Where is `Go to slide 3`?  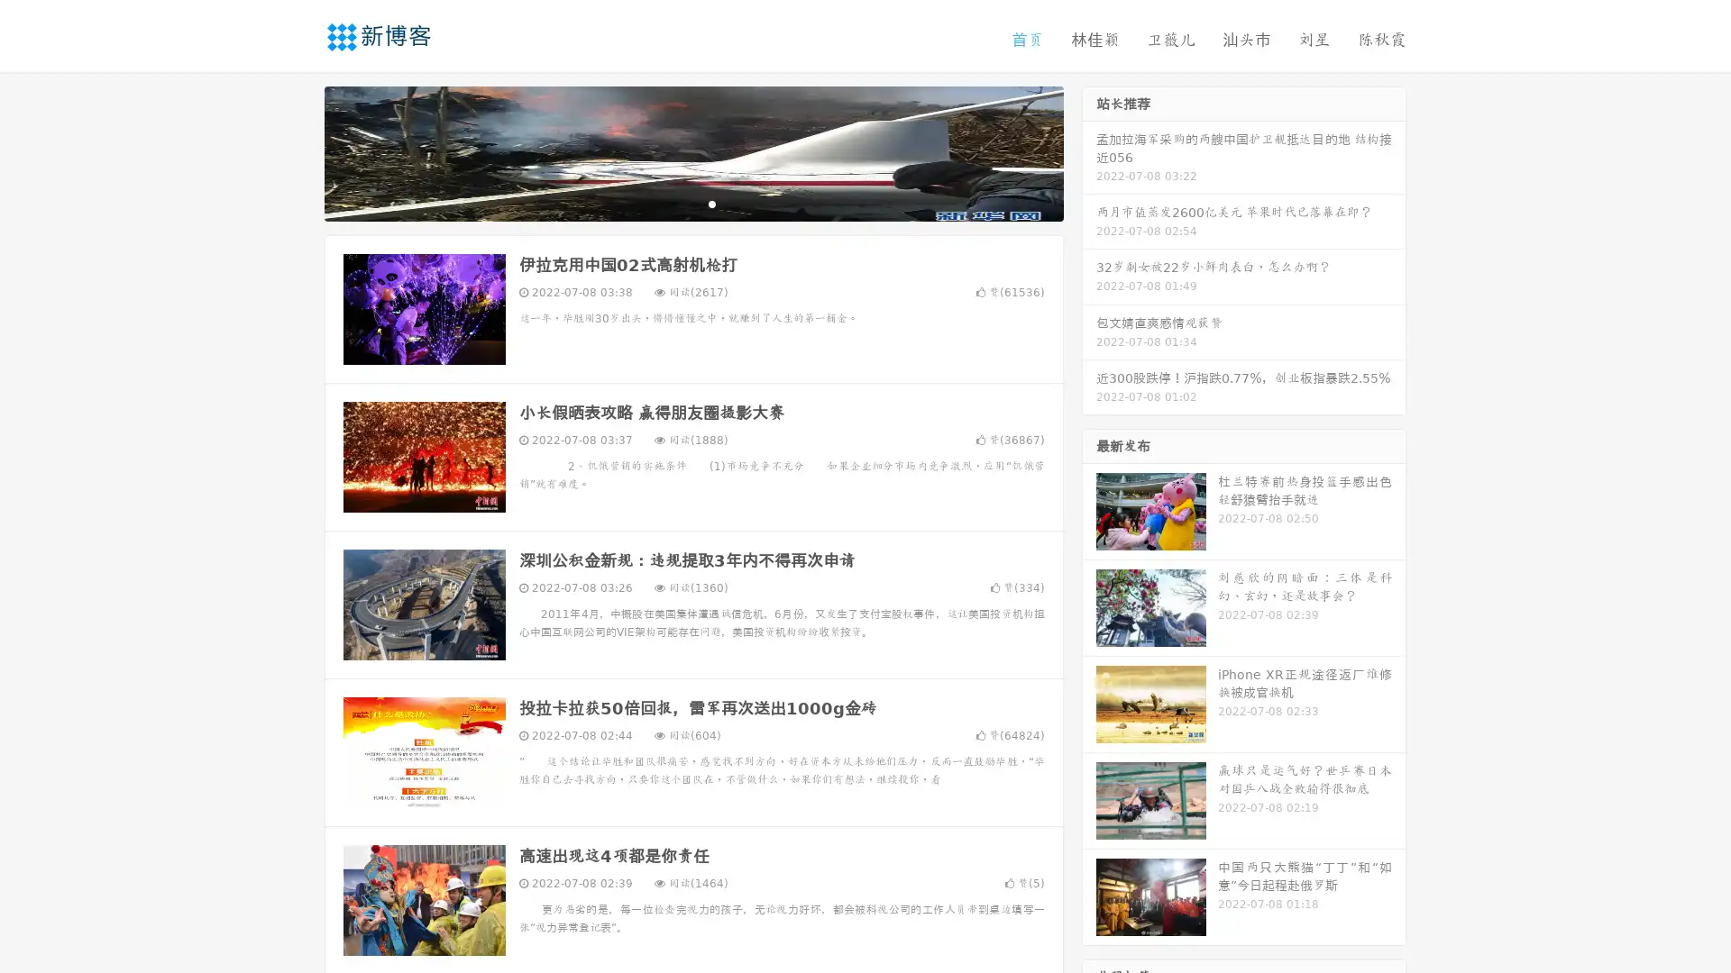
Go to slide 3 is located at coordinates (711, 203).